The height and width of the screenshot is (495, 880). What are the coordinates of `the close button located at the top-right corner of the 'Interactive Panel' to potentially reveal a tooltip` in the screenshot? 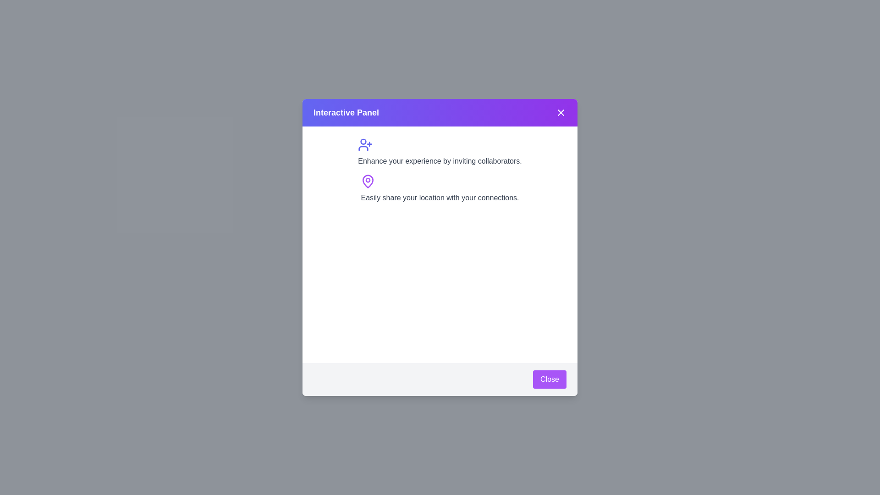 It's located at (561, 112).